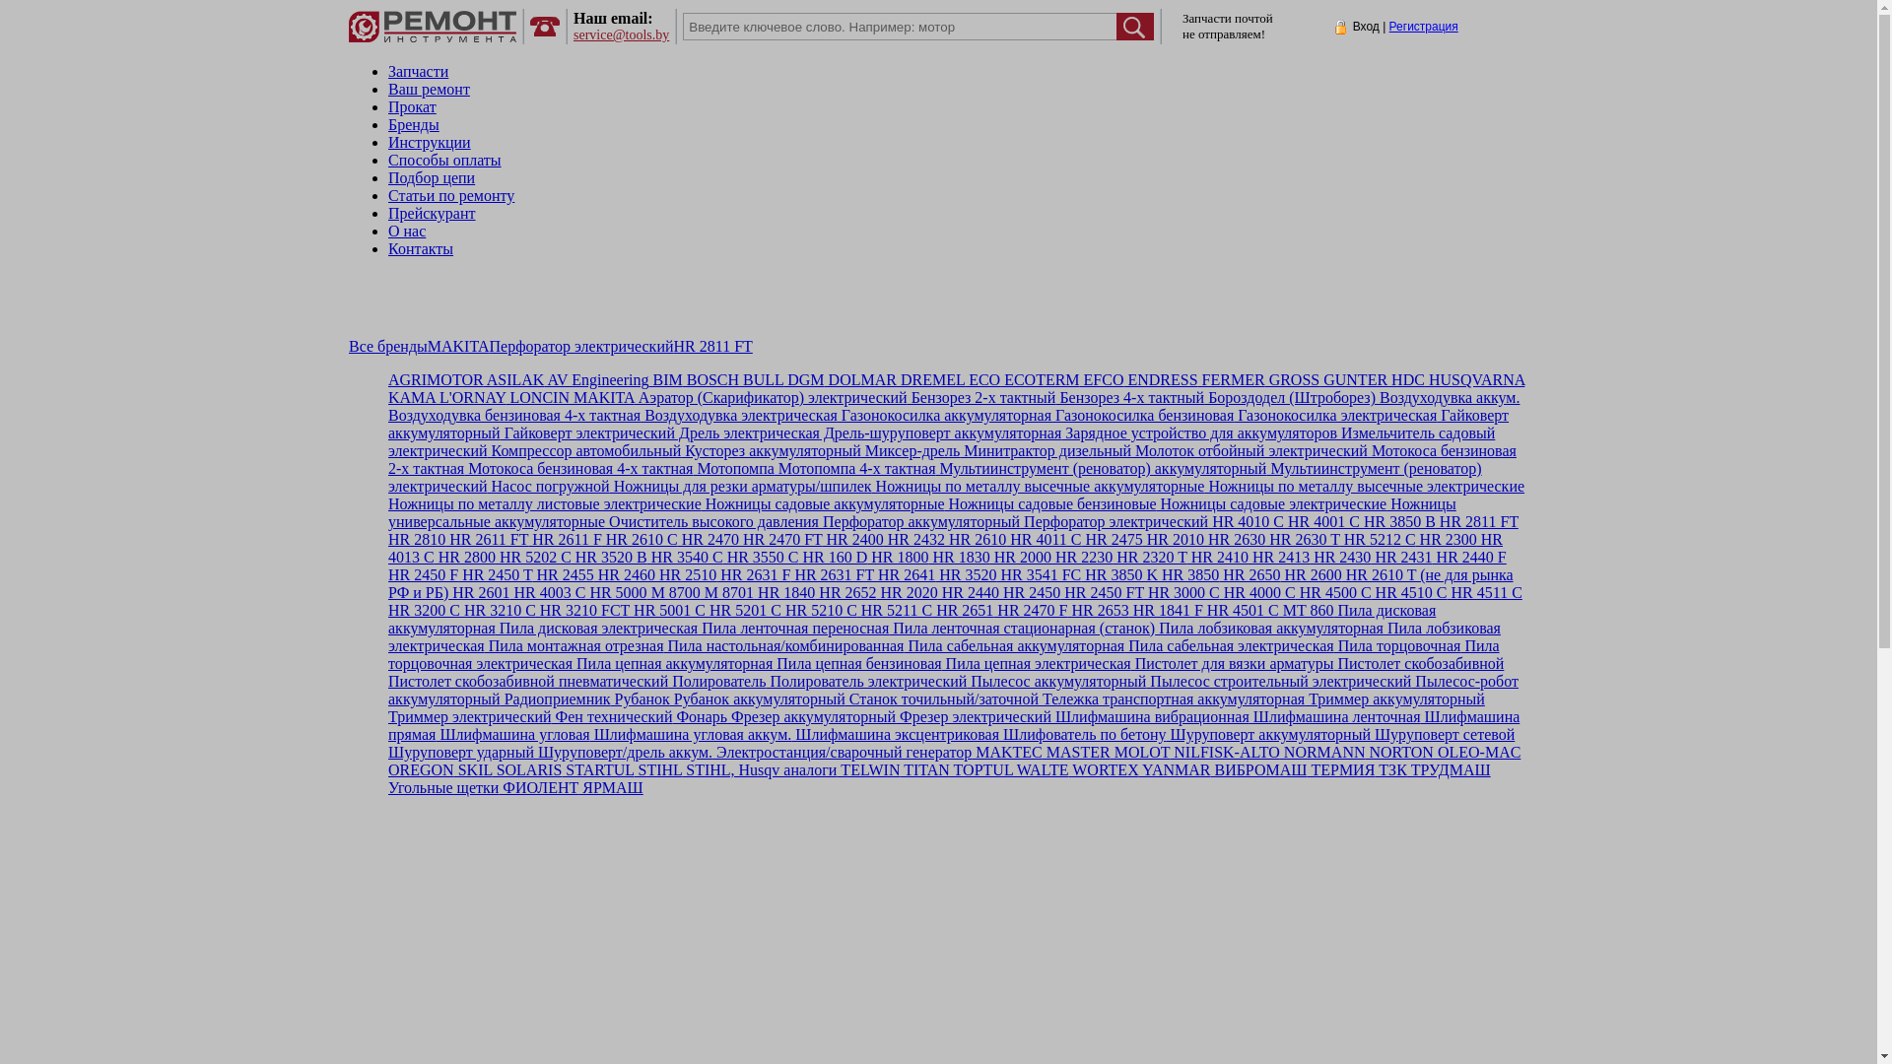  What do you see at coordinates (1218, 574) in the screenshot?
I see `'HR 2650'` at bounding box center [1218, 574].